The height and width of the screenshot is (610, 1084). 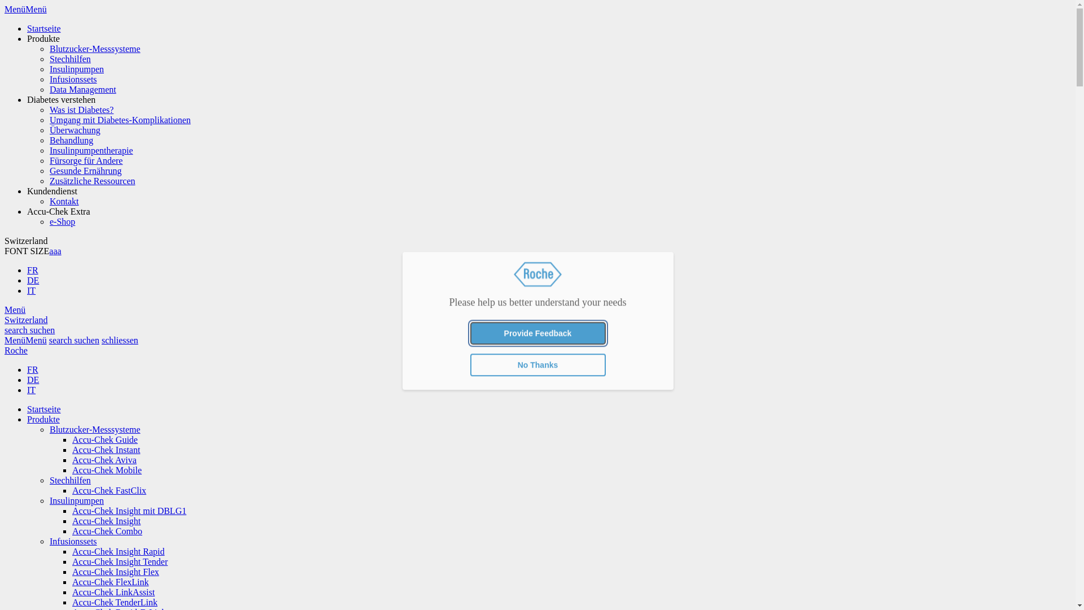 What do you see at coordinates (62, 221) in the screenshot?
I see `'e-Shop'` at bounding box center [62, 221].